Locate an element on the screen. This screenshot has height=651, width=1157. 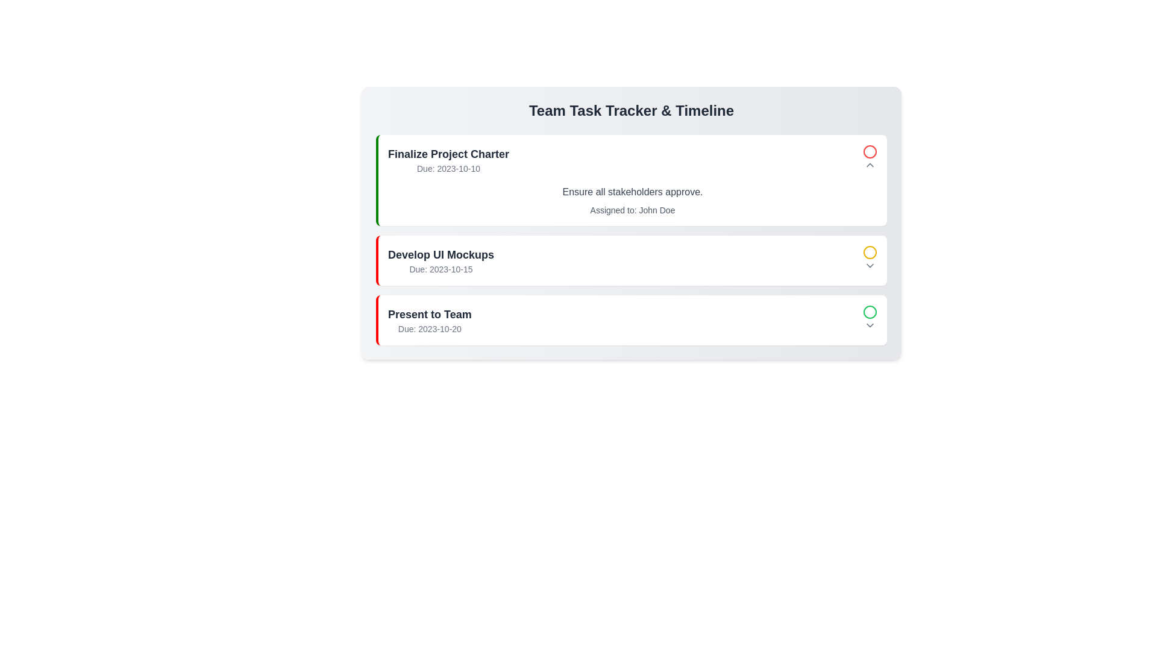
the task card displaying 'Present to Team' and 'Due: 2023-10-20', which is the third item in the vertical list of task cards is located at coordinates (632, 319).